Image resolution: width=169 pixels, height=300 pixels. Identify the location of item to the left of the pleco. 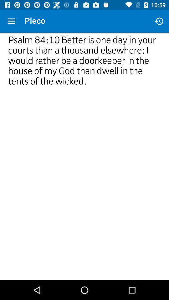
(11, 21).